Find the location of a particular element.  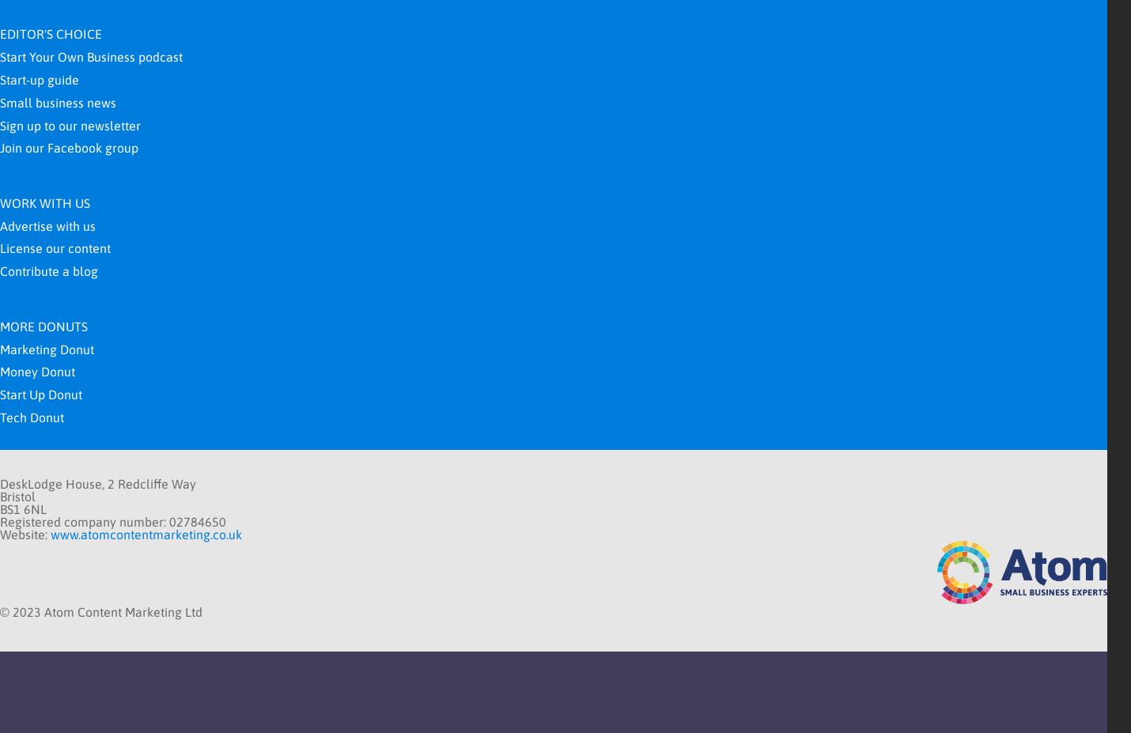

'© 2023 Atom Content Marketing Ltd' is located at coordinates (0, 610).